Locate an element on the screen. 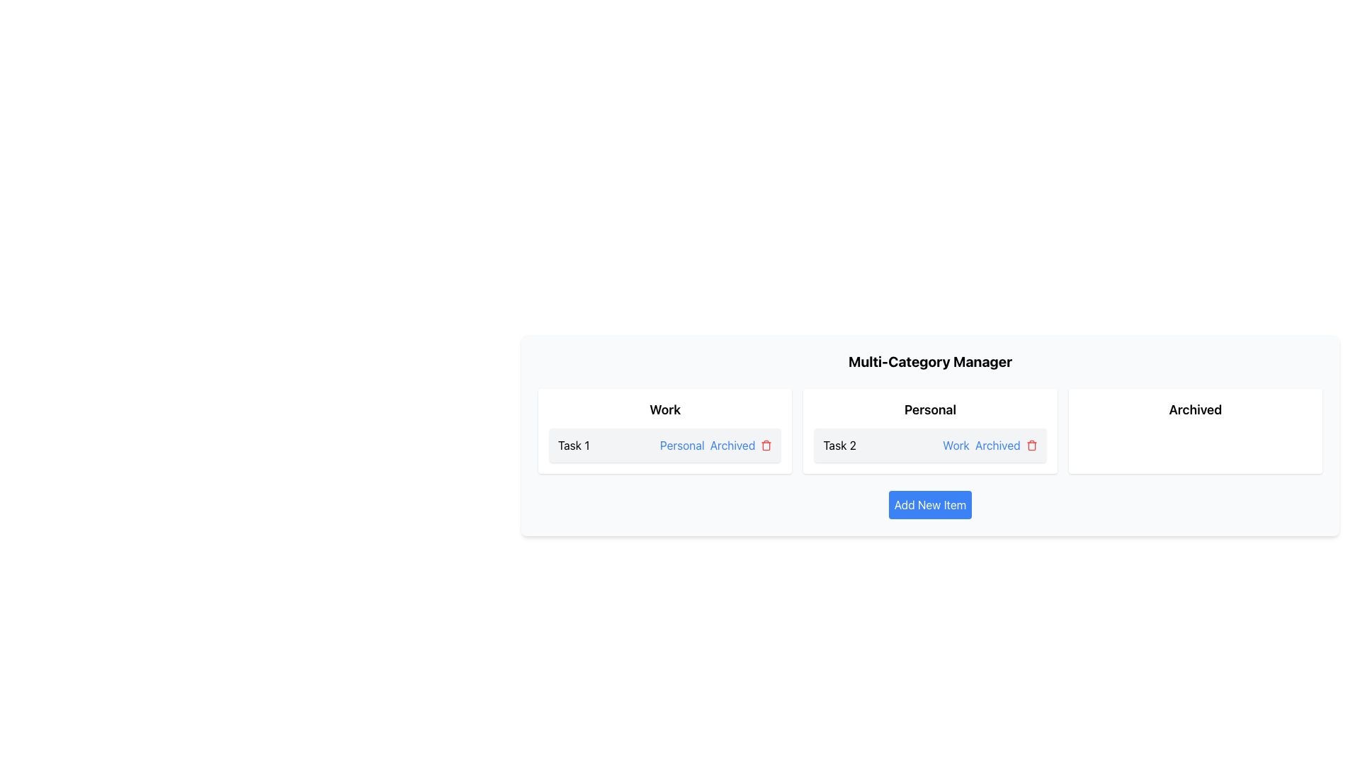 The width and height of the screenshot is (1360, 765). the second hyperlink in the group of inline elements, located between the 'Work' link and a red icon is located at coordinates (997, 444).